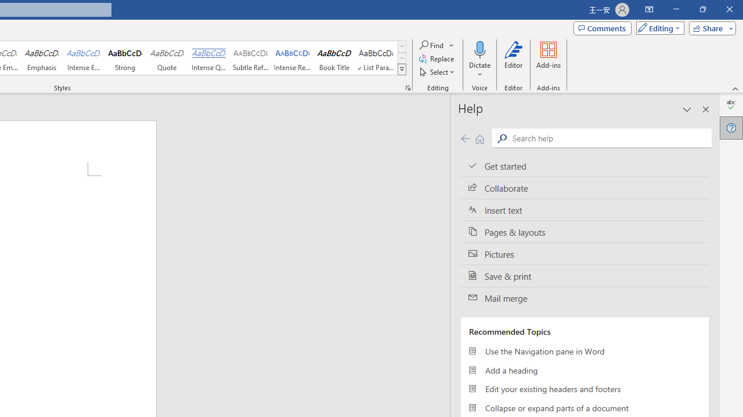  I want to click on 'Emphasis', so click(41, 58).